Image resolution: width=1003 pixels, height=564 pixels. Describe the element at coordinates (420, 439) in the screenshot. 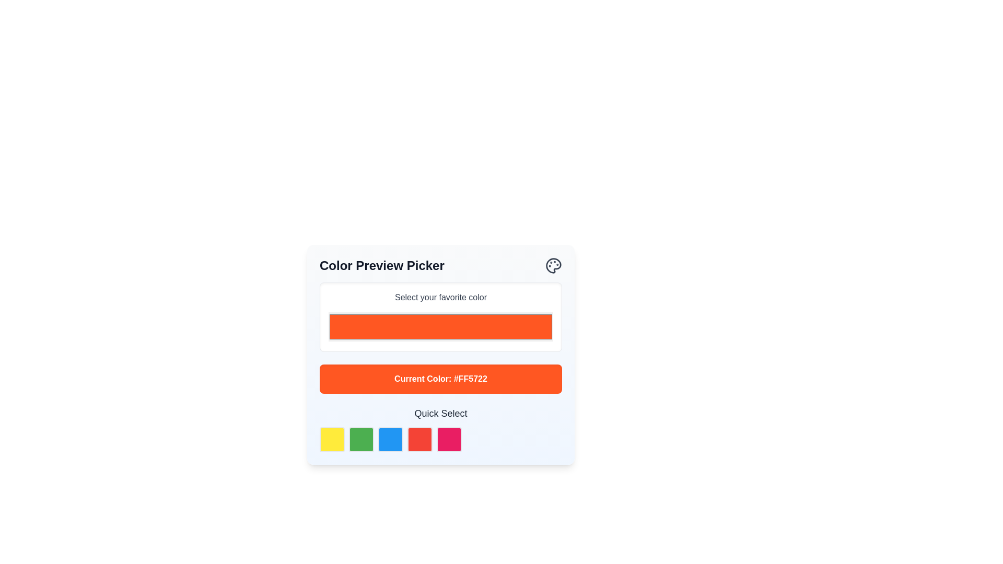

I see `the fourth square button representing the selectable color option for red` at that location.